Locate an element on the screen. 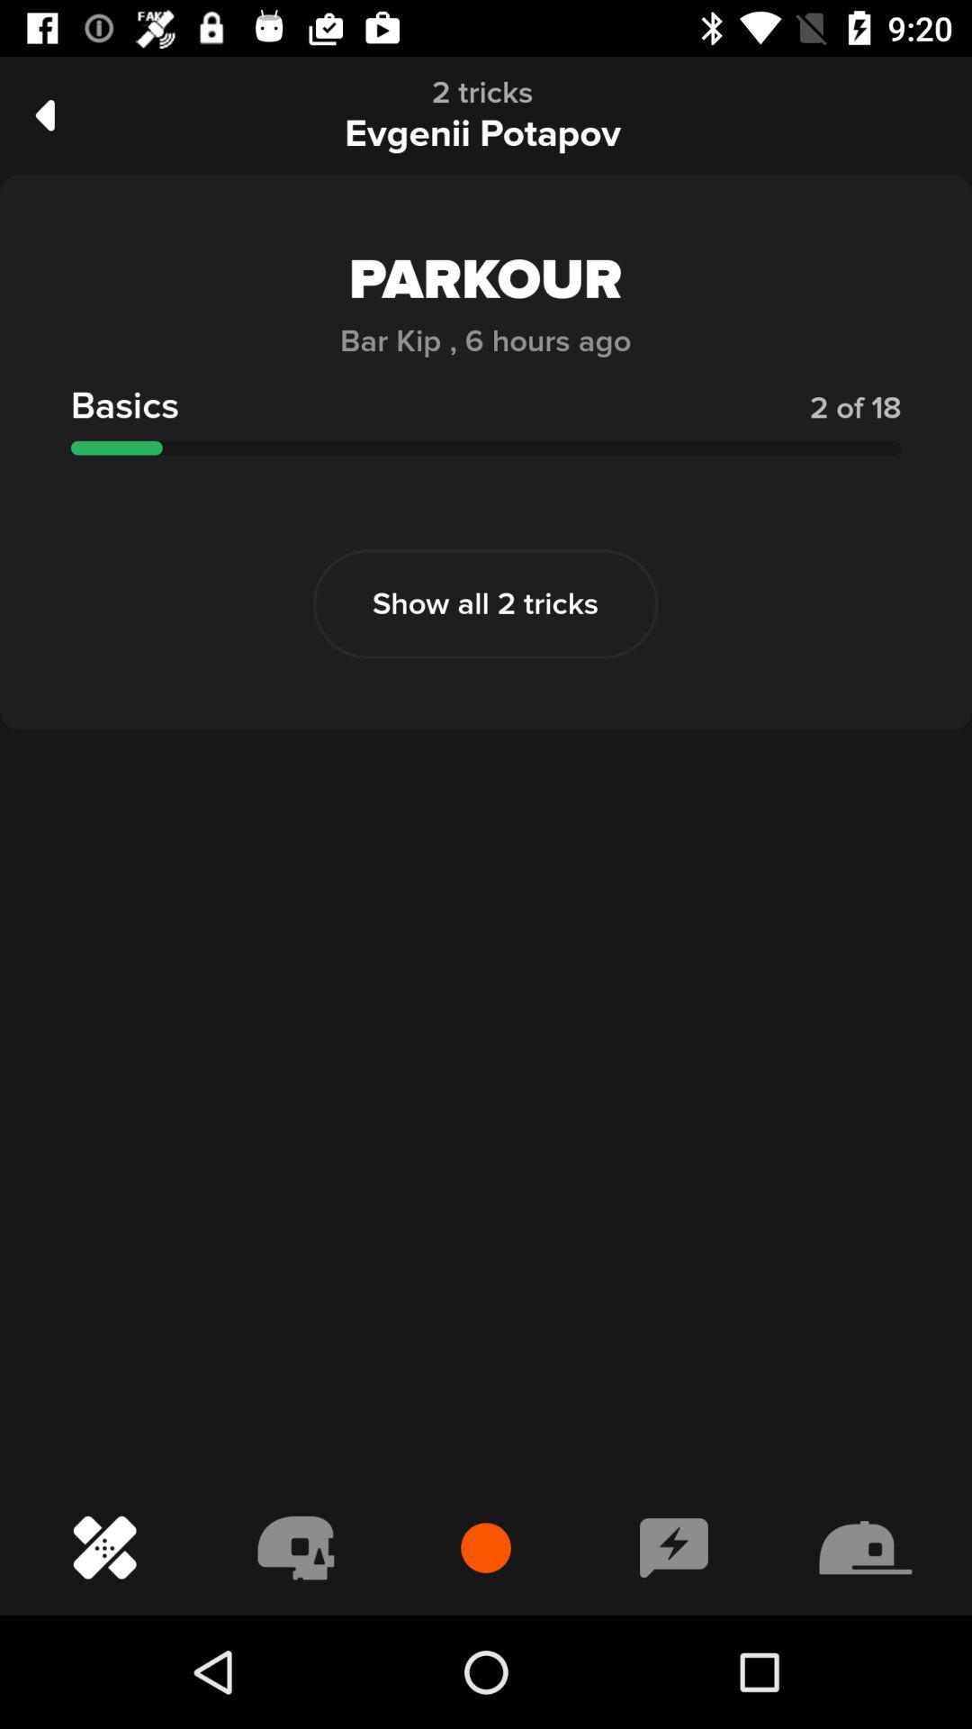 The width and height of the screenshot is (972, 1729). the arrow_backward icon is located at coordinates (44, 114).